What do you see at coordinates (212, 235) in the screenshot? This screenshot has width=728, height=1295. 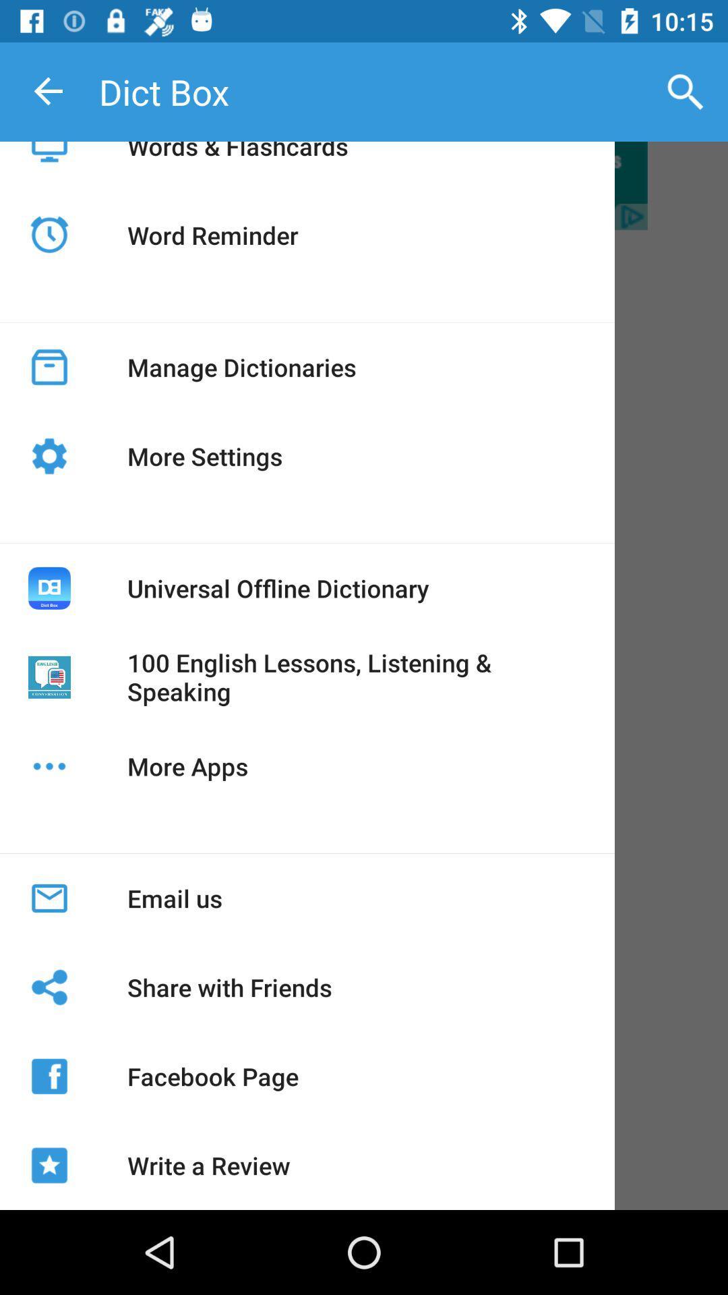 I see `app below words & flashcards item` at bounding box center [212, 235].